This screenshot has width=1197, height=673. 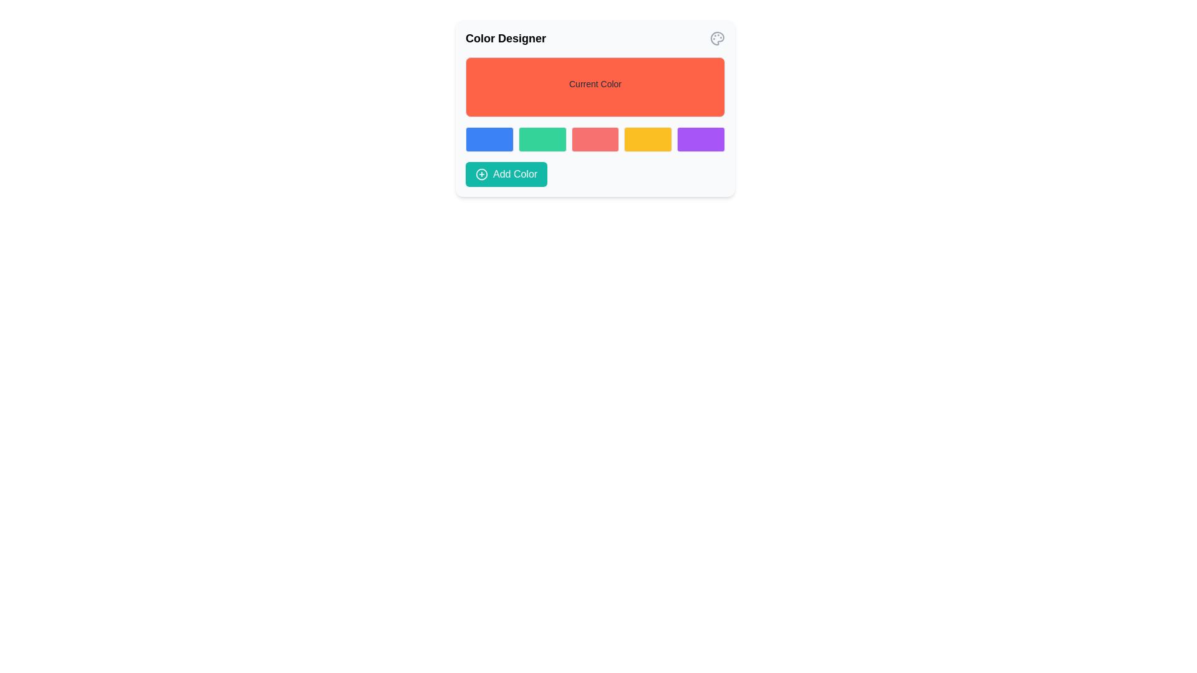 I want to click on the second color option button in the Color Designer interface, so click(x=542, y=139).